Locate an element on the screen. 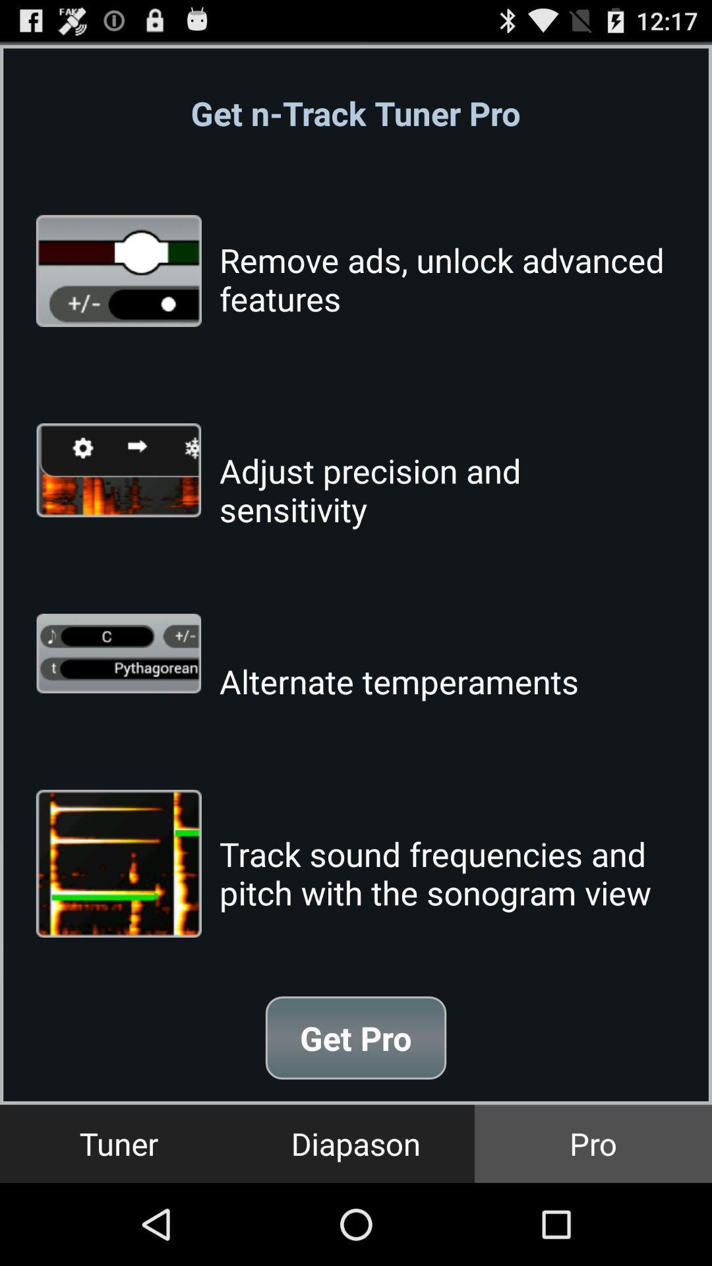 Image resolution: width=712 pixels, height=1266 pixels. get n track item is located at coordinates (355, 113).